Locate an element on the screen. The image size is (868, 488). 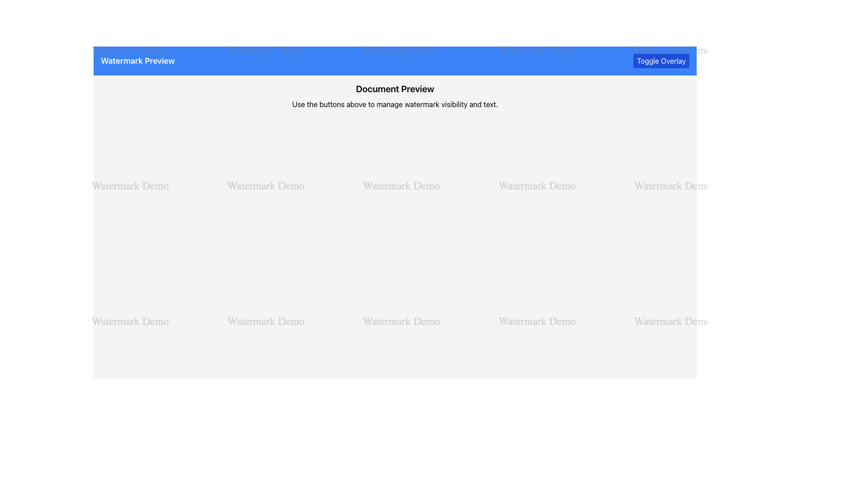
the button on the far right side of the blue header, which toggles the visibility of an overlay element is located at coordinates (661, 61).